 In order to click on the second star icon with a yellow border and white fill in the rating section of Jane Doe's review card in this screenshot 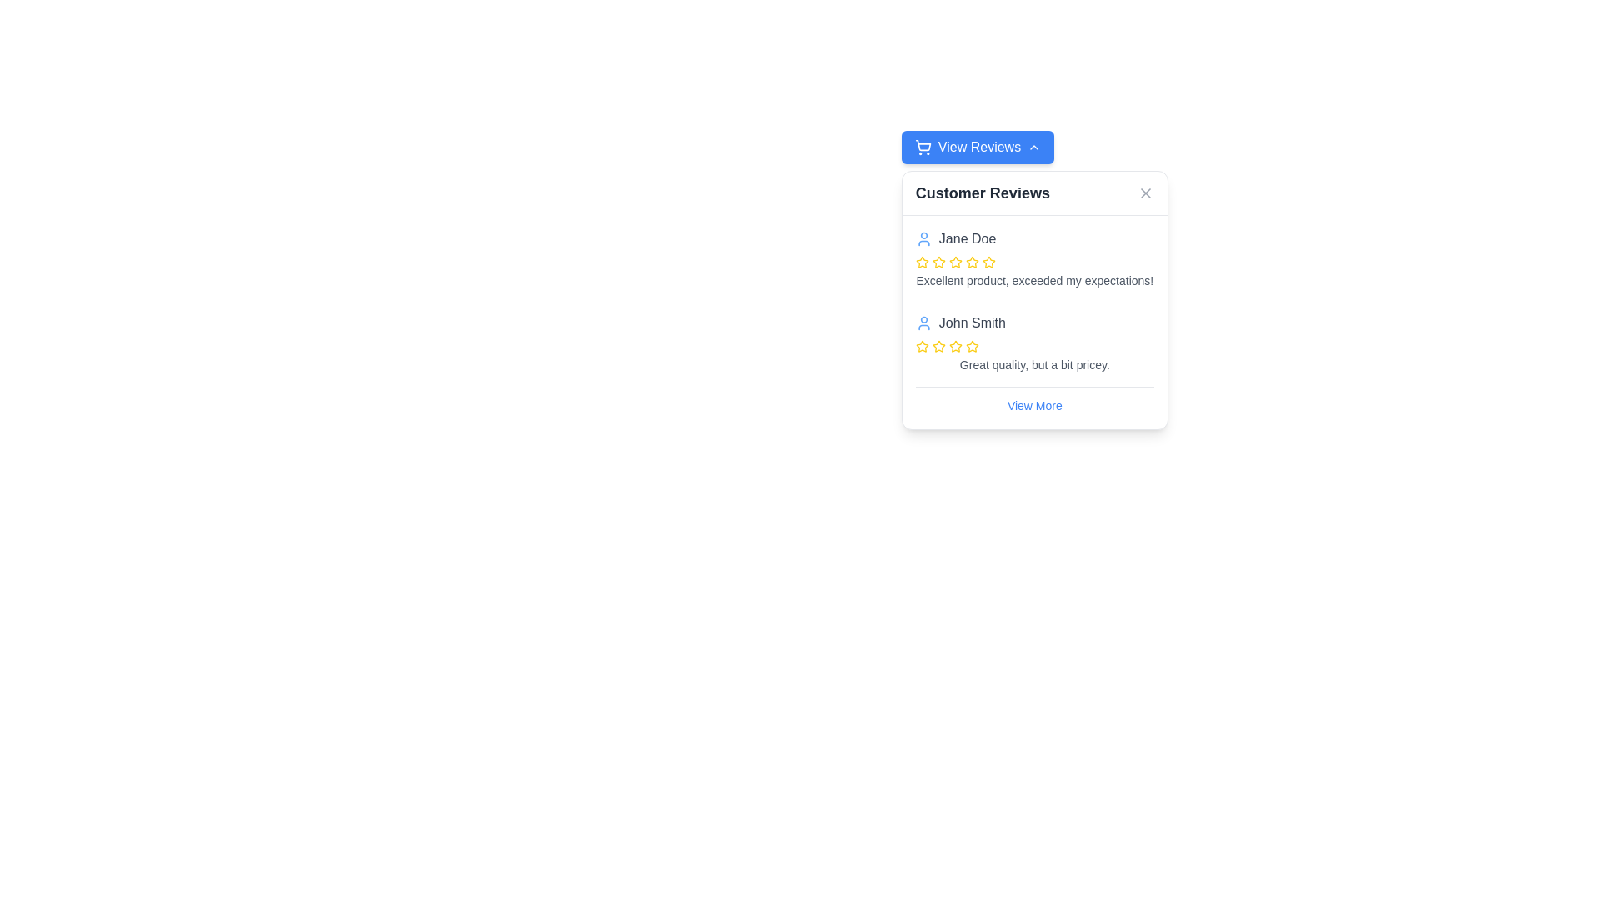, I will do `click(921, 262)`.